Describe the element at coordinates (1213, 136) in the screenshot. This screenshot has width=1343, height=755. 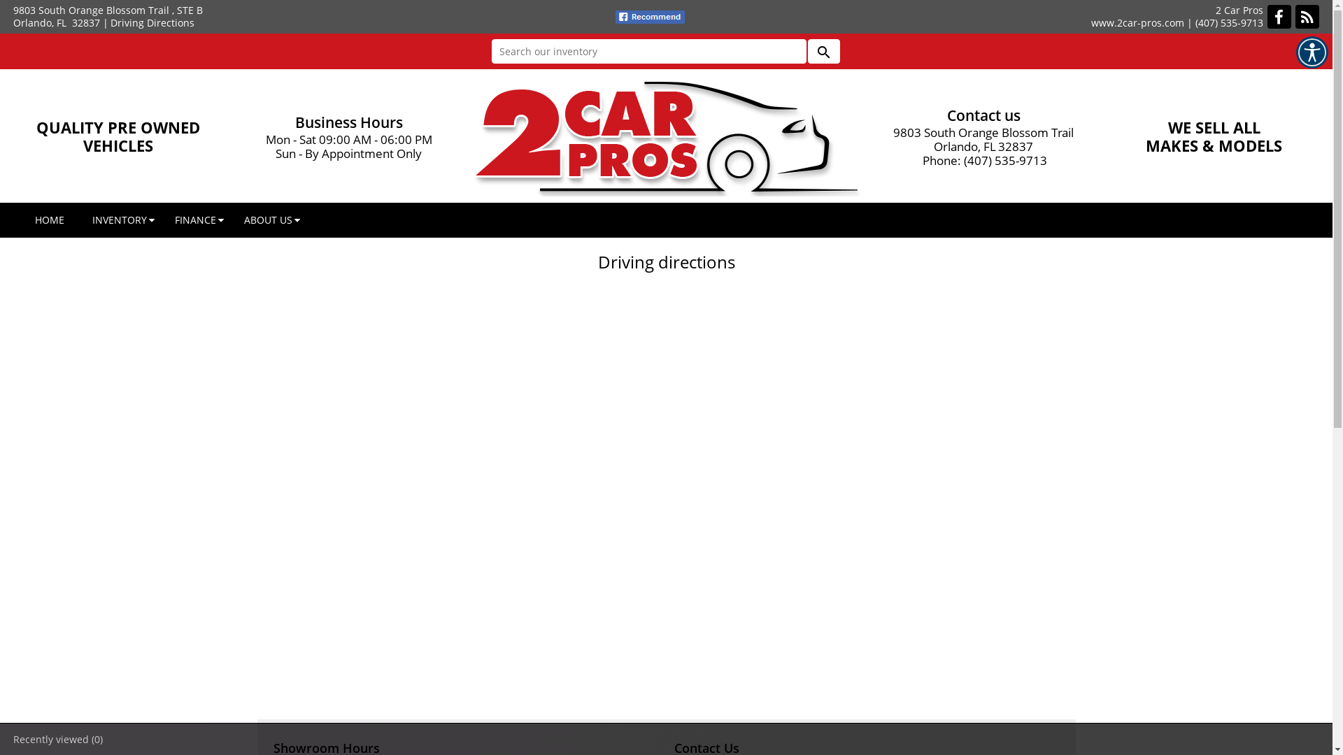
I see `'WE SELL ALL` at that location.